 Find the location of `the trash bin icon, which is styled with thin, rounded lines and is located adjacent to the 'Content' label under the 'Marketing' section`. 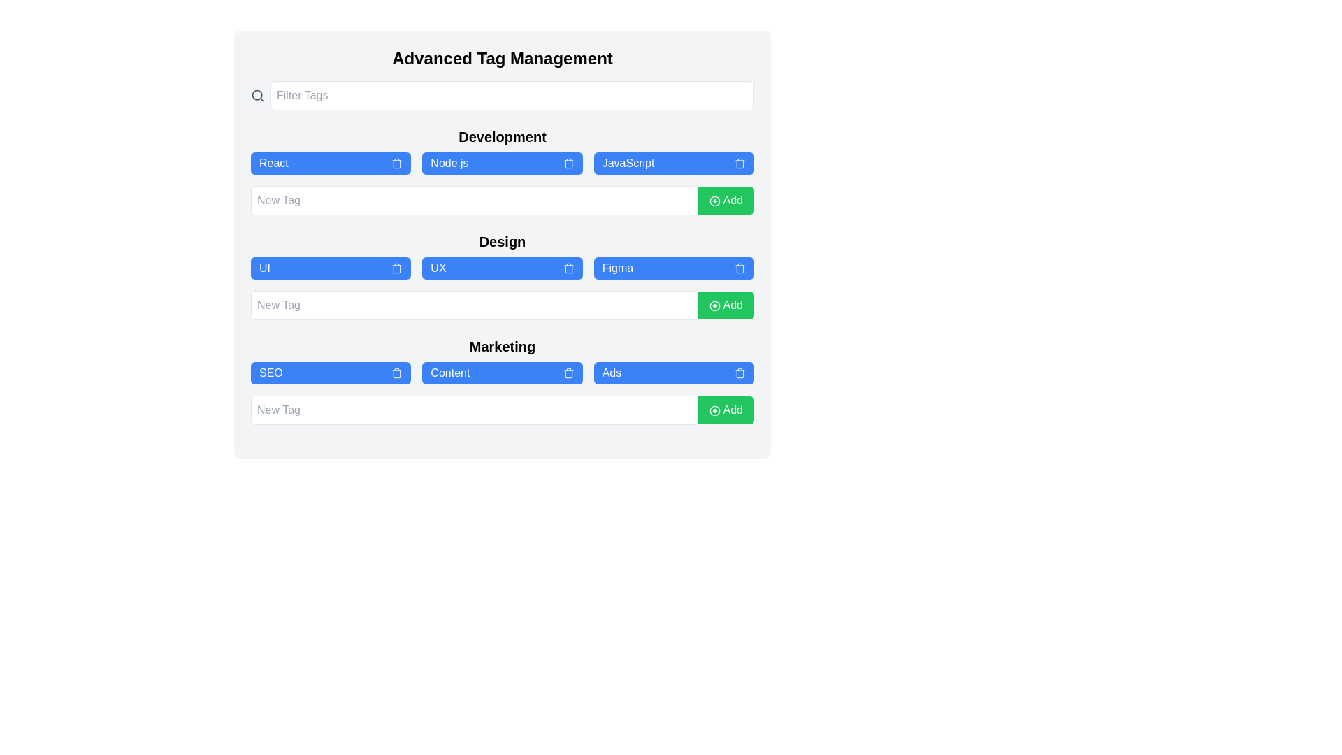

the trash bin icon, which is styled with thin, rounded lines and is located adjacent to the 'Content' label under the 'Marketing' section is located at coordinates (568, 373).